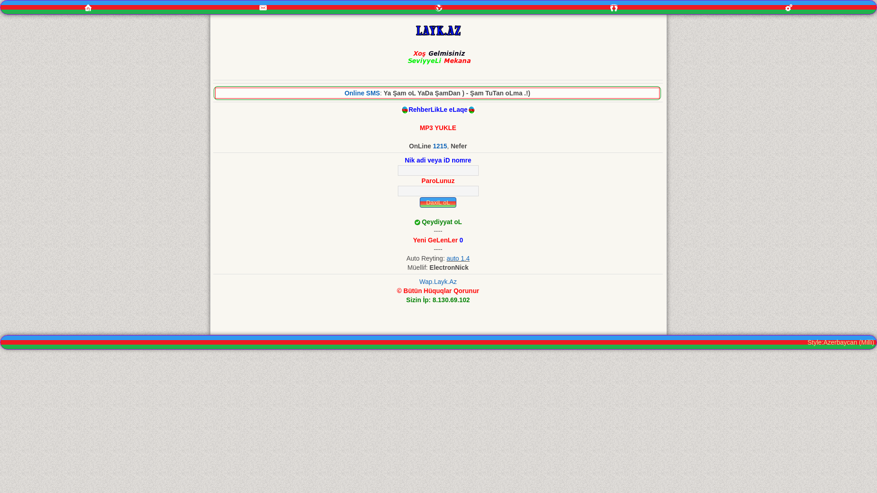 The width and height of the screenshot is (877, 493). What do you see at coordinates (437, 109) in the screenshot?
I see `'RehberLikLe eLaqe'` at bounding box center [437, 109].